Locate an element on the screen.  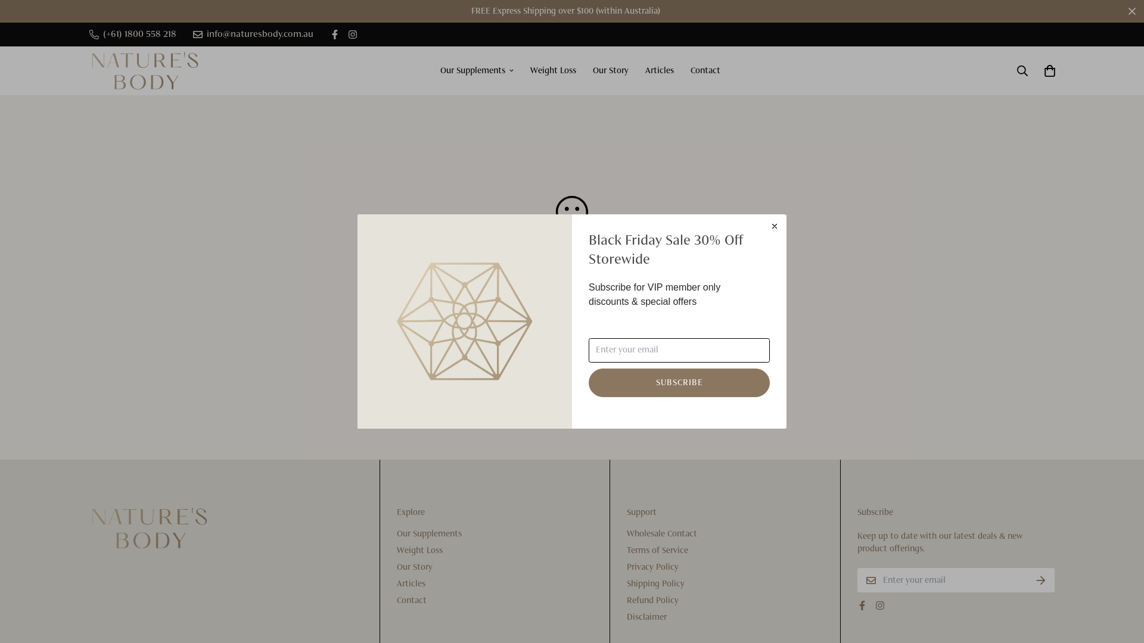
'Our Supplements' is located at coordinates (397, 533).